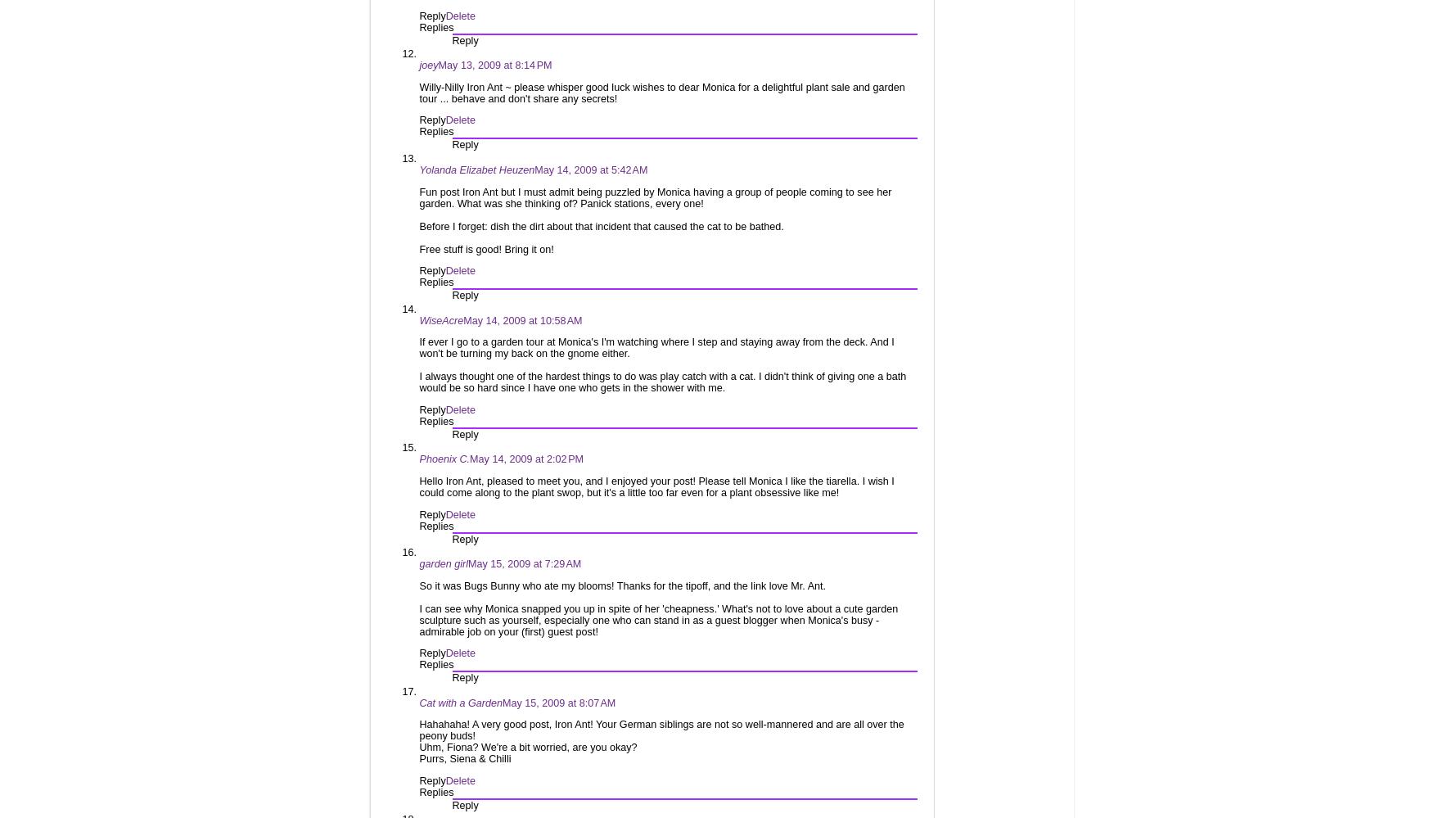 The height and width of the screenshot is (818, 1443). I want to click on 'Willy-Nilly Iron Ant ~ please whisper good luck wishes to dear Monica for a delightful plant sale and garden tour ... behave and don't share any secrets!', so click(661, 92).